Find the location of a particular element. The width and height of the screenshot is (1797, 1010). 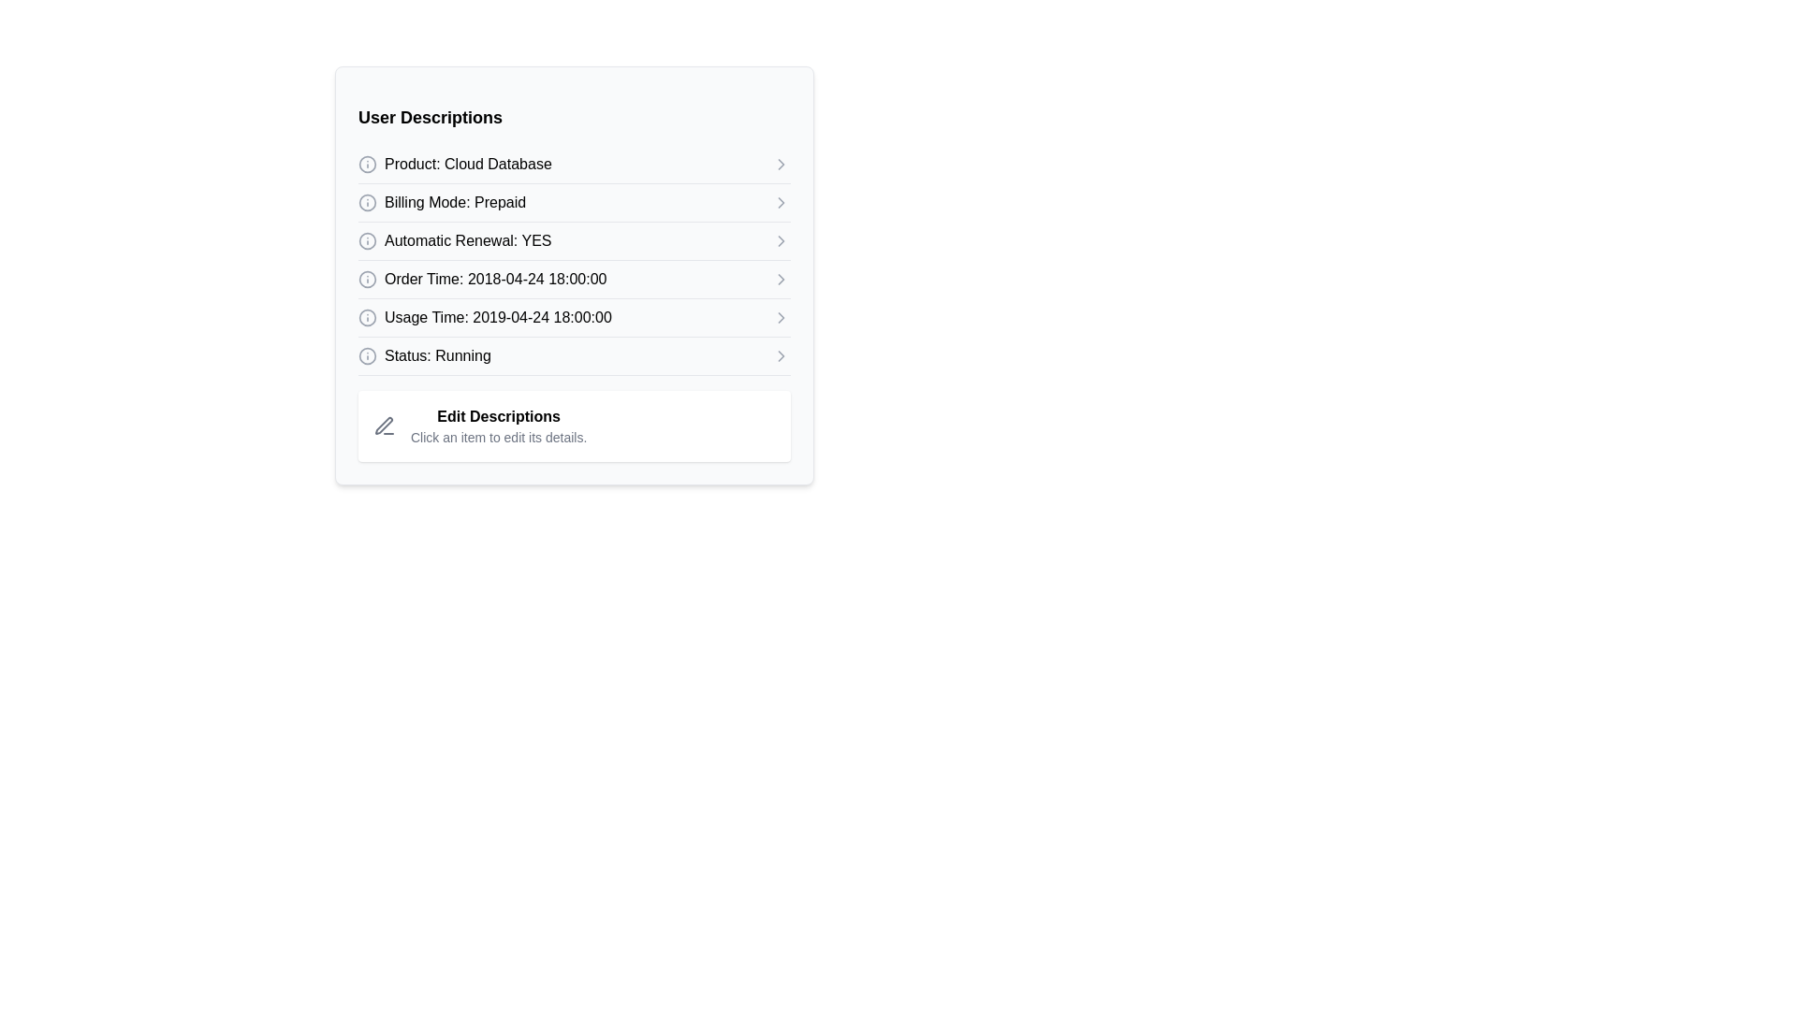

the arrow icon located at the right end of the 'Order Time: 2018-04-24 18:00:00' row in the 'User Descriptions' list is located at coordinates (782, 280).